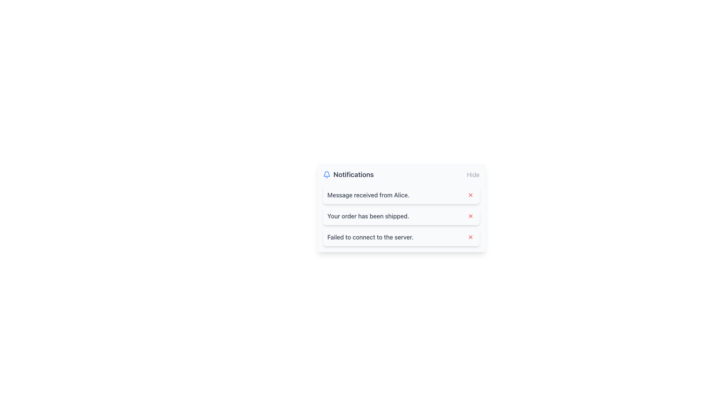 The image size is (723, 406). Describe the element at coordinates (326, 174) in the screenshot. I see `the bell icon element in the notification pane, which serves as a visual representation of notifications or alerts` at that location.